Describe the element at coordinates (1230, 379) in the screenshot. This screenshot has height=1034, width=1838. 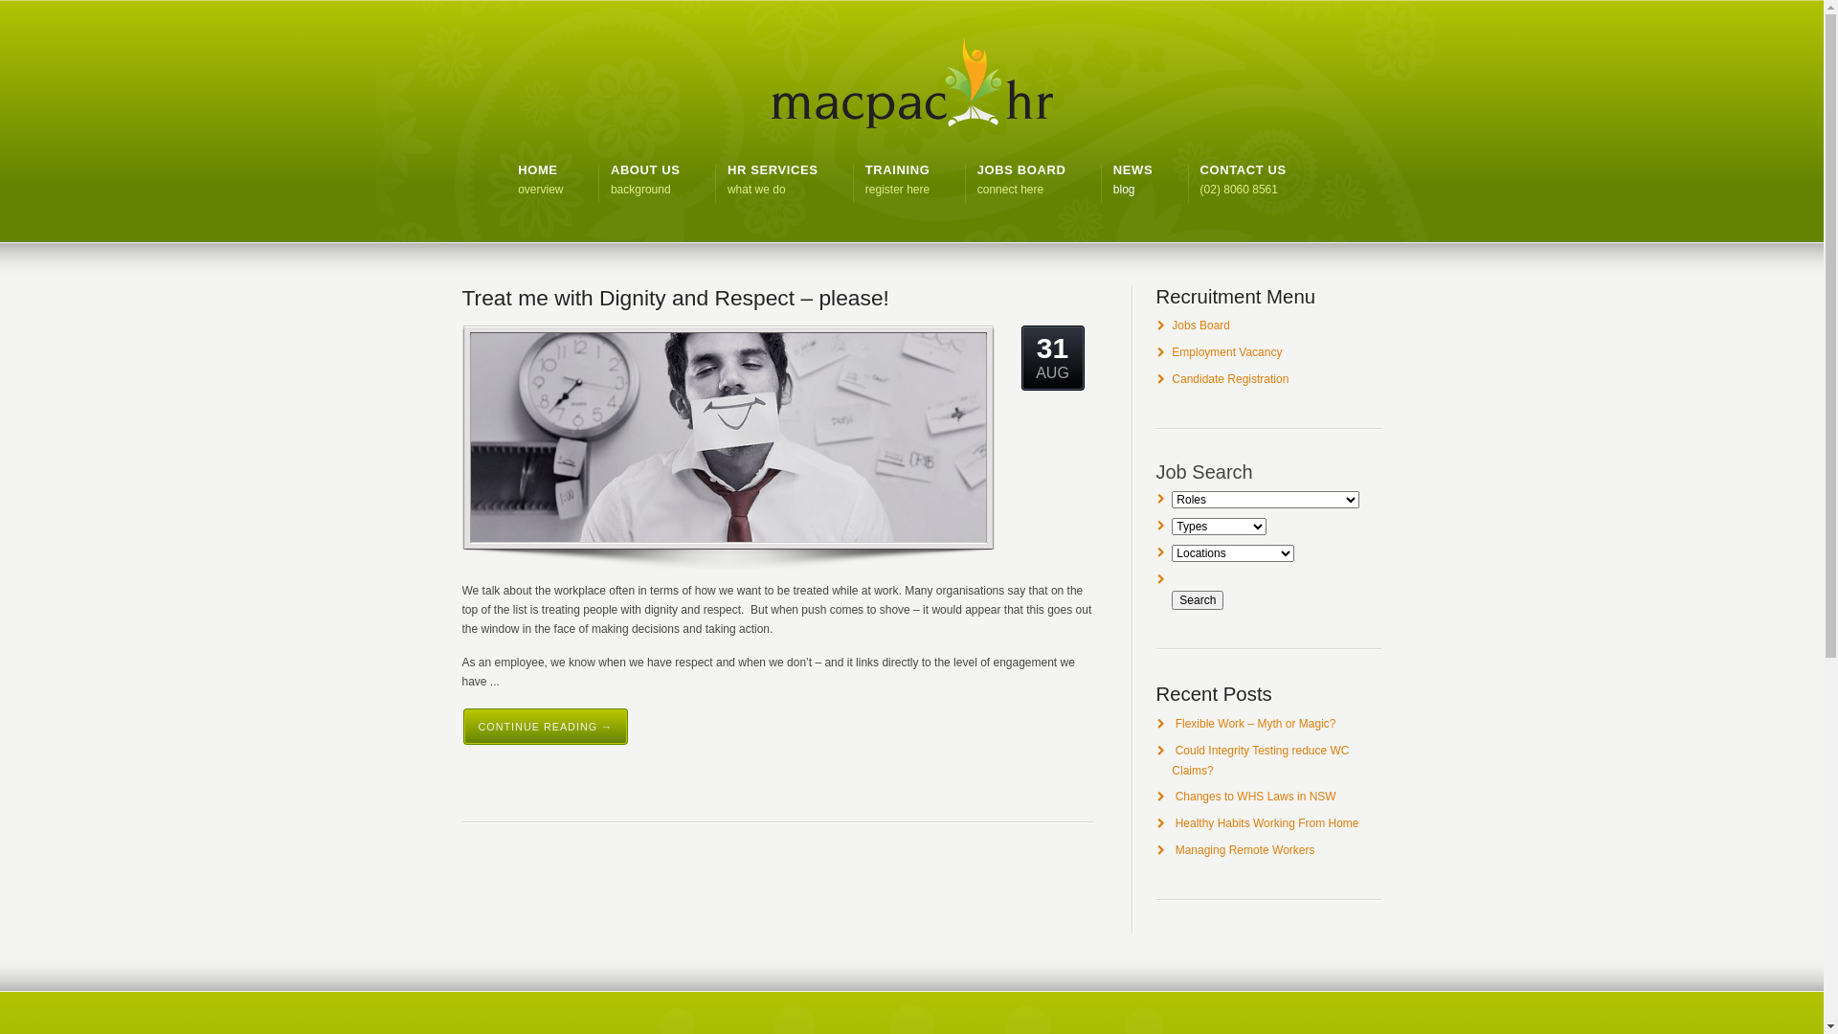
I see `'Candidate Registration'` at that location.